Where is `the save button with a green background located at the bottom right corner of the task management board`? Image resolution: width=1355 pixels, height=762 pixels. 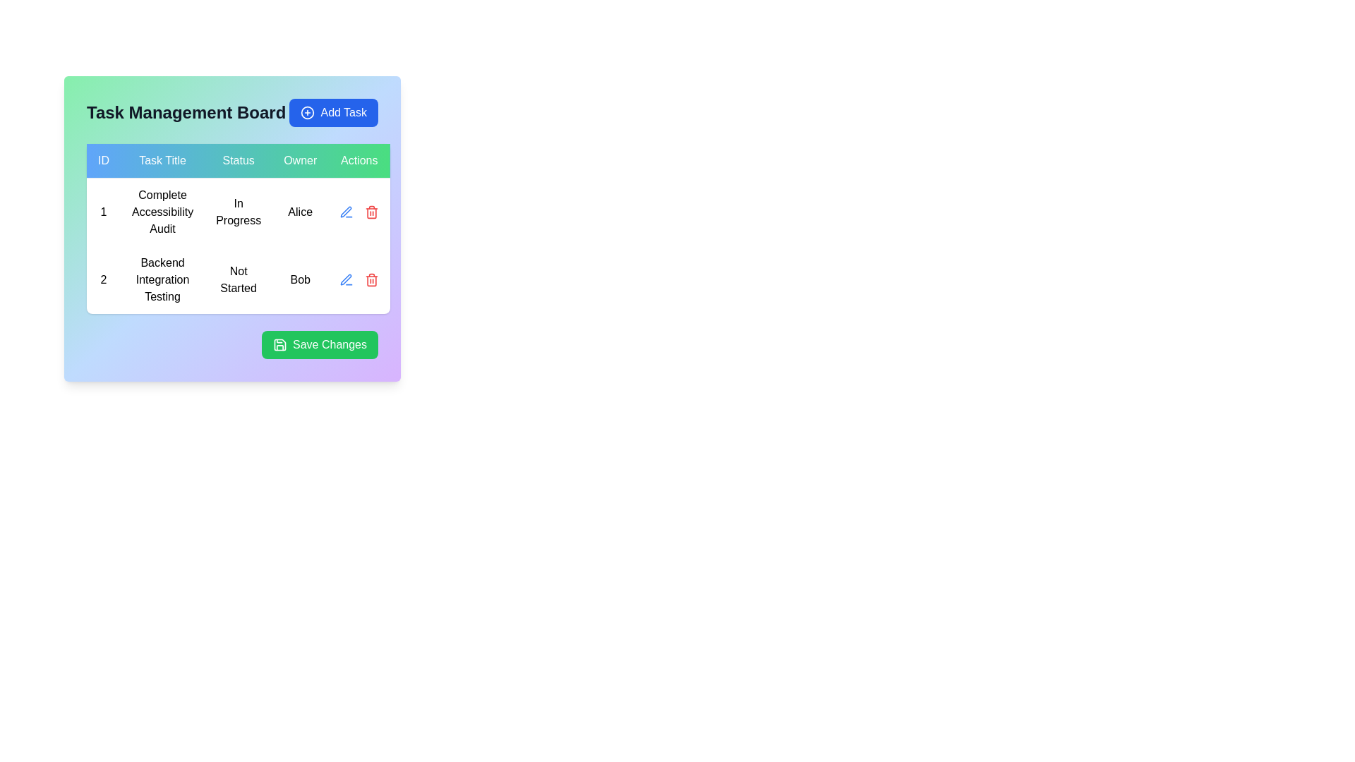 the save button with a green background located at the bottom right corner of the task management board is located at coordinates (232, 345).